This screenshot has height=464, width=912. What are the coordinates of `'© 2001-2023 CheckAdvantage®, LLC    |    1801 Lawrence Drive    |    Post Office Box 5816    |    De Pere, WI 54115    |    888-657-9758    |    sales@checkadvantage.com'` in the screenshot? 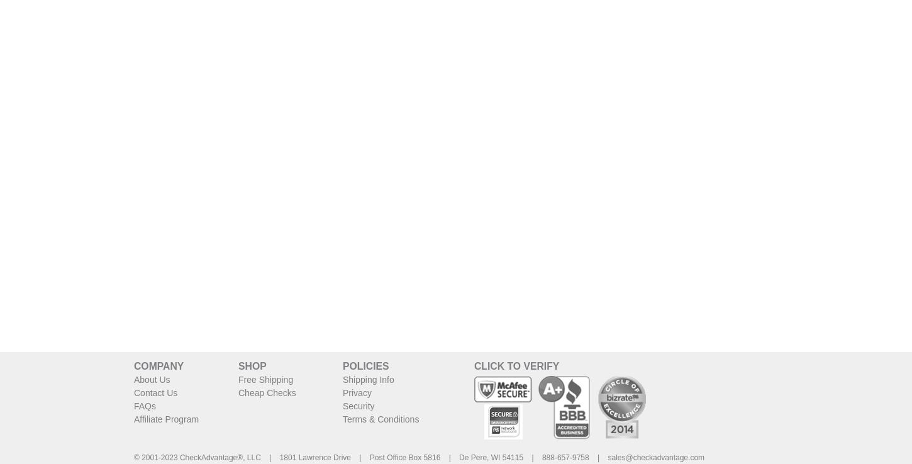 It's located at (418, 457).